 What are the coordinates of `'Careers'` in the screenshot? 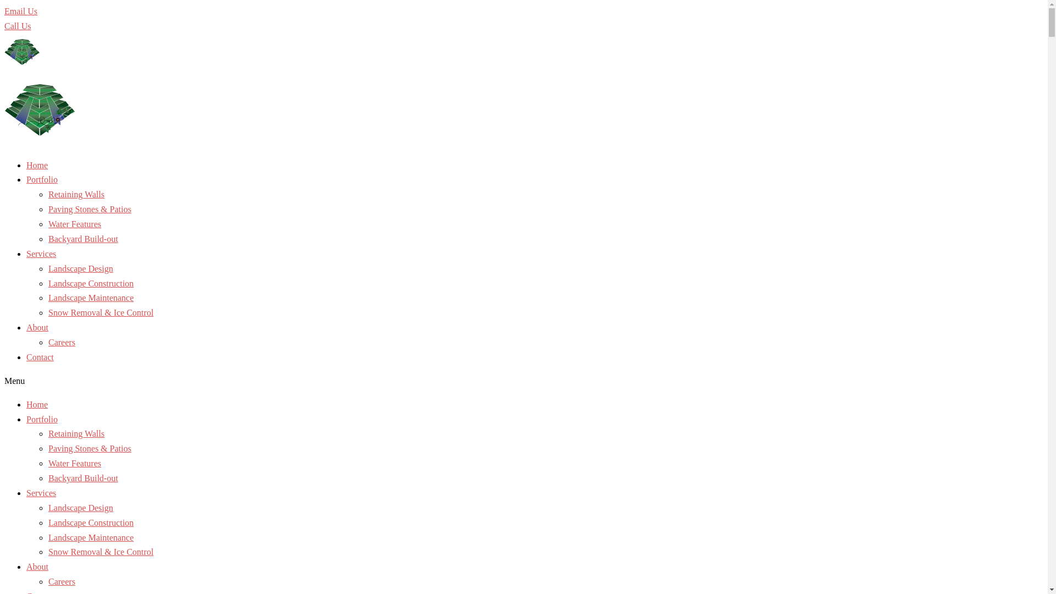 It's located at (61, 342).